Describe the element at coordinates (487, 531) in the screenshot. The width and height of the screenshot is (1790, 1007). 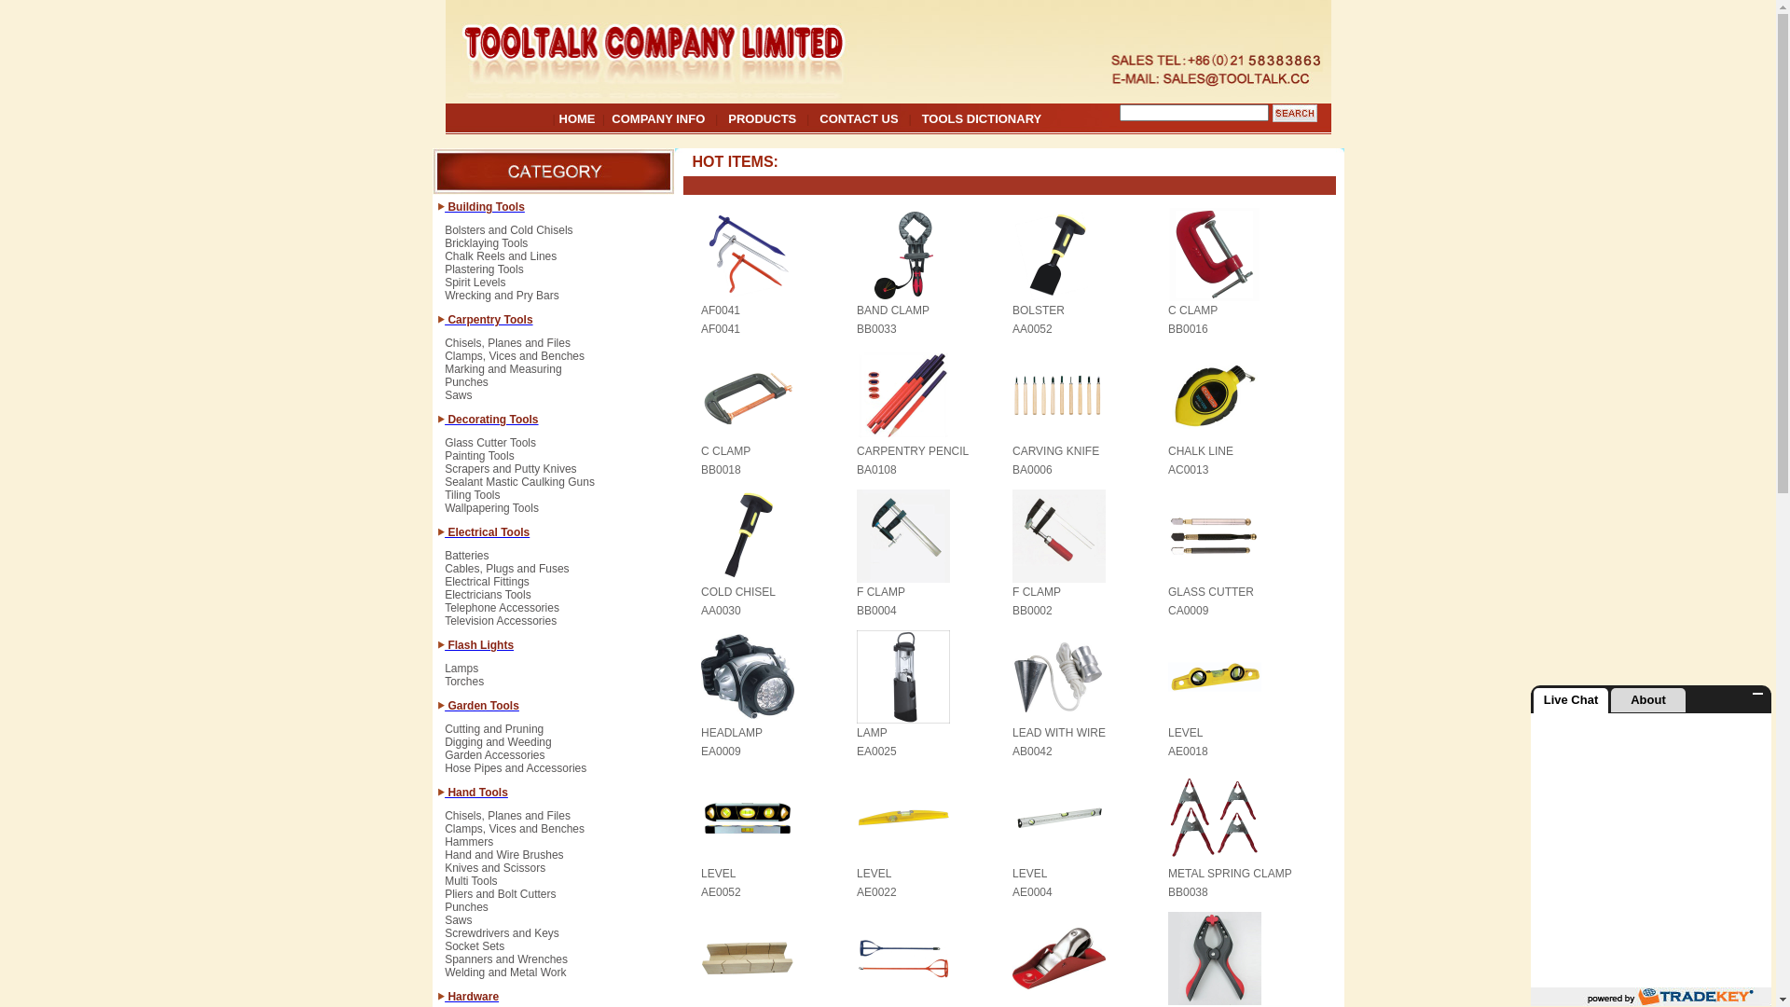
I see `'Electrical Tools'` at that location.